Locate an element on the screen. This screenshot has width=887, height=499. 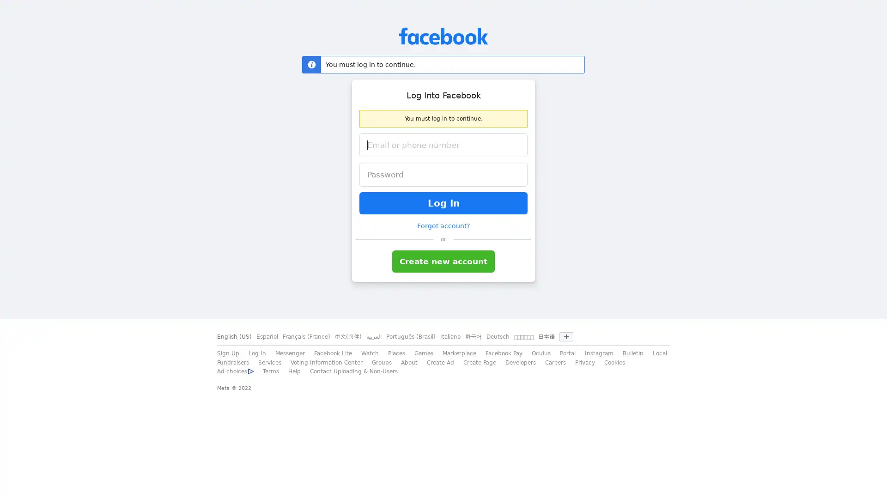
Log In is located at coordinates (443, 202).